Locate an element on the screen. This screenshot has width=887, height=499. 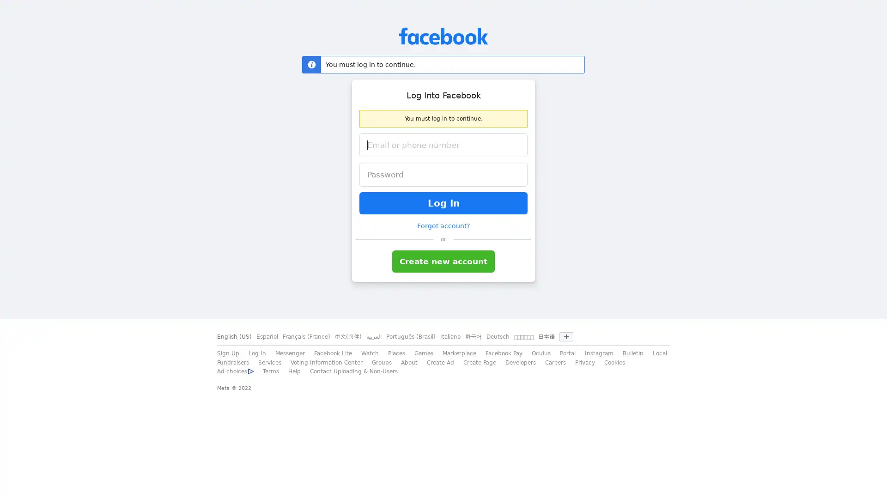
Log In is located at coordinates (443, 202).